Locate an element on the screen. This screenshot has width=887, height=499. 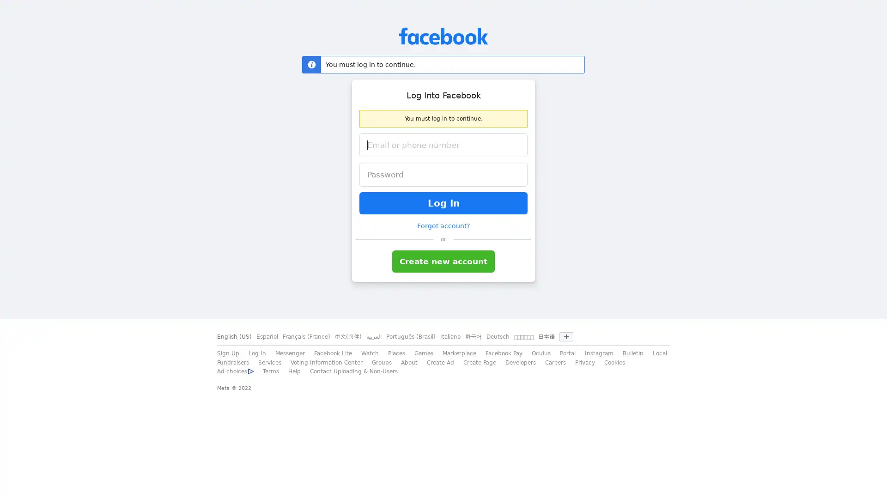
Log In is located at coordinates (443, 202).